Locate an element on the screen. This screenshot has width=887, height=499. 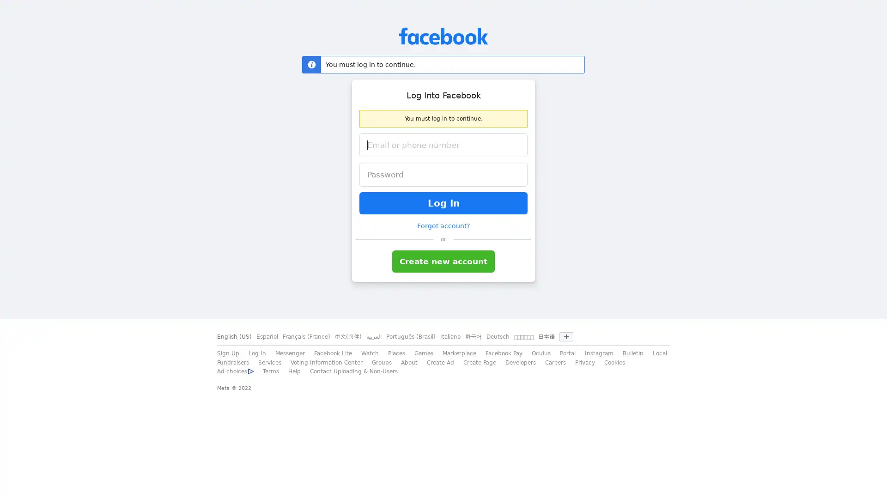
Log In is located at coordinates (443, 202).